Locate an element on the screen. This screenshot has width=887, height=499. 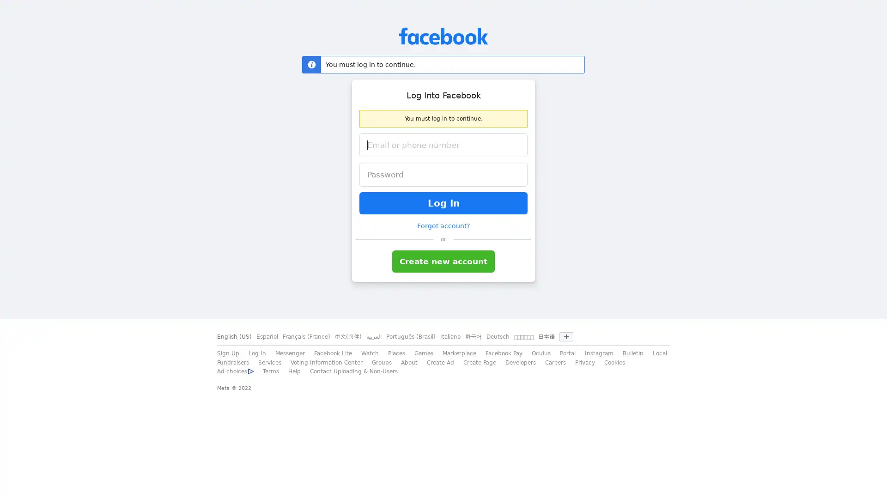
Log In is located at coordinates (443, 202).